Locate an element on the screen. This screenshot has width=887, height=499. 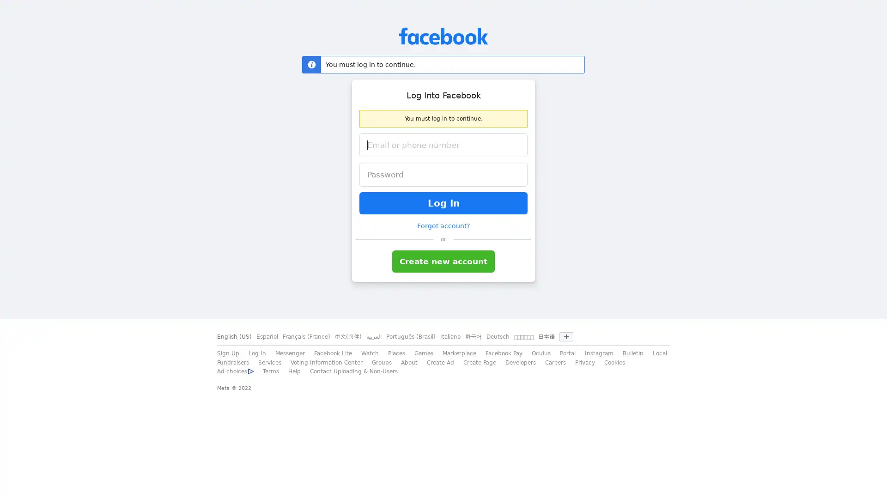
Log In is located at coordinates (443, 202).